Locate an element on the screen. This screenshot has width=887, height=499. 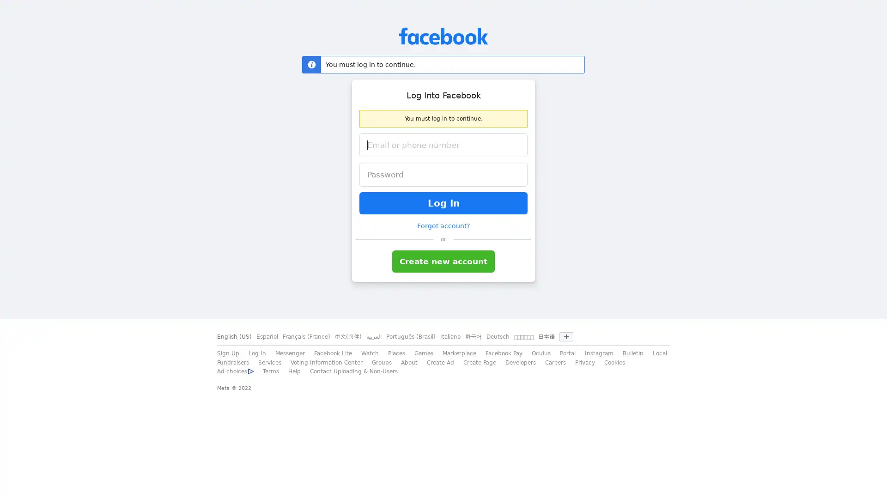
Log In is located at coordinates (443, 202).